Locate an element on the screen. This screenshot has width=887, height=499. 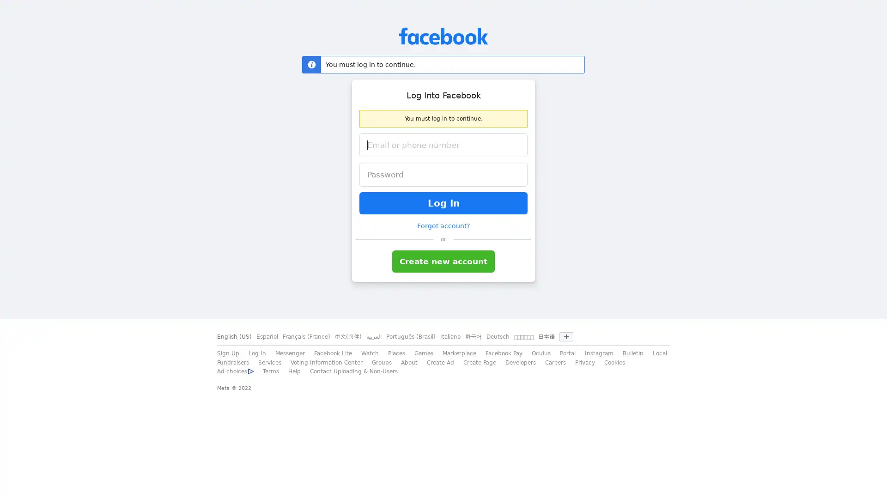
Log In is located at coordinates (443, 202).